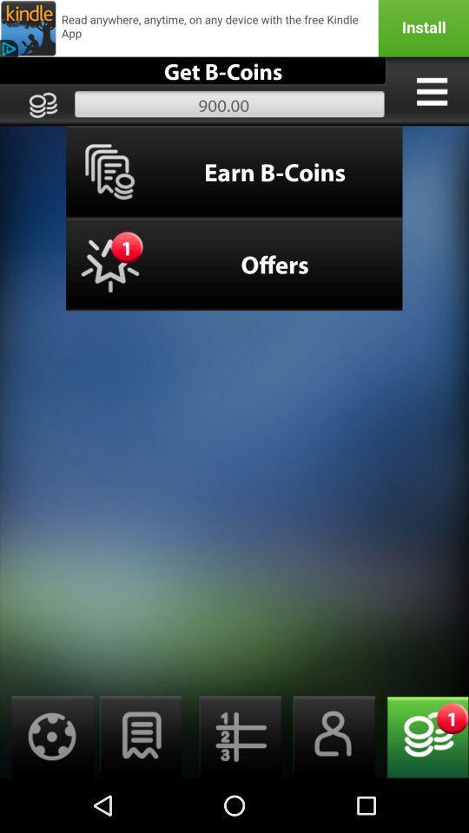 The image size is (469, 833). I want to click on visit advertised website, so click(234, 27).